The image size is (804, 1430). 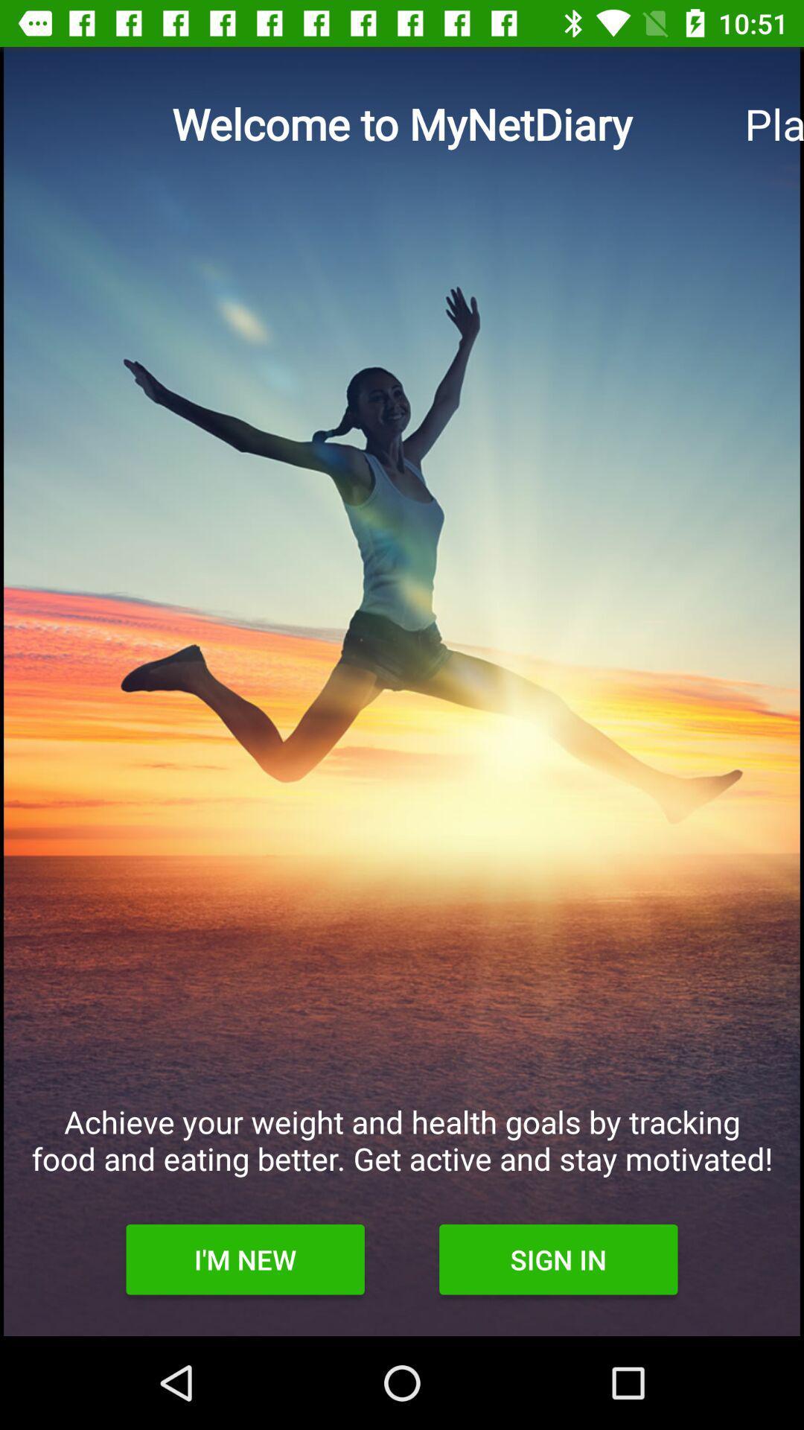 What do you see at coordinates (244, 1259) in the screenshot?
I see `icon below the achieve your weight` at bounding box center [244, 1259].